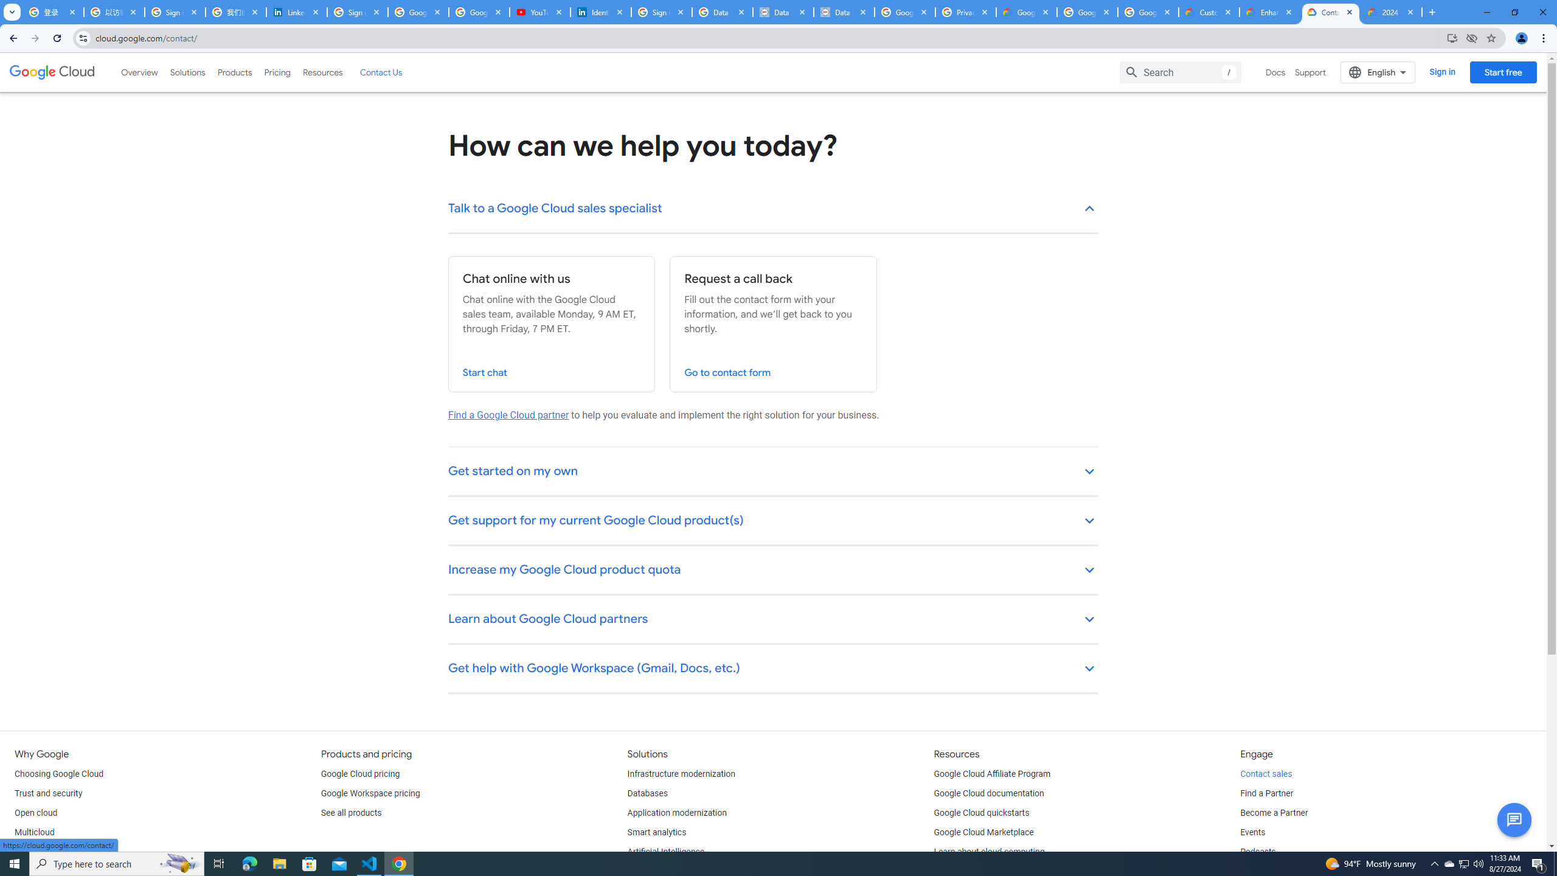 The image size is (1557, 876). What do you see at coordinates (1502, 72) in the screenshot?
I see `'Start free'` at bounding box center [1502, 72].